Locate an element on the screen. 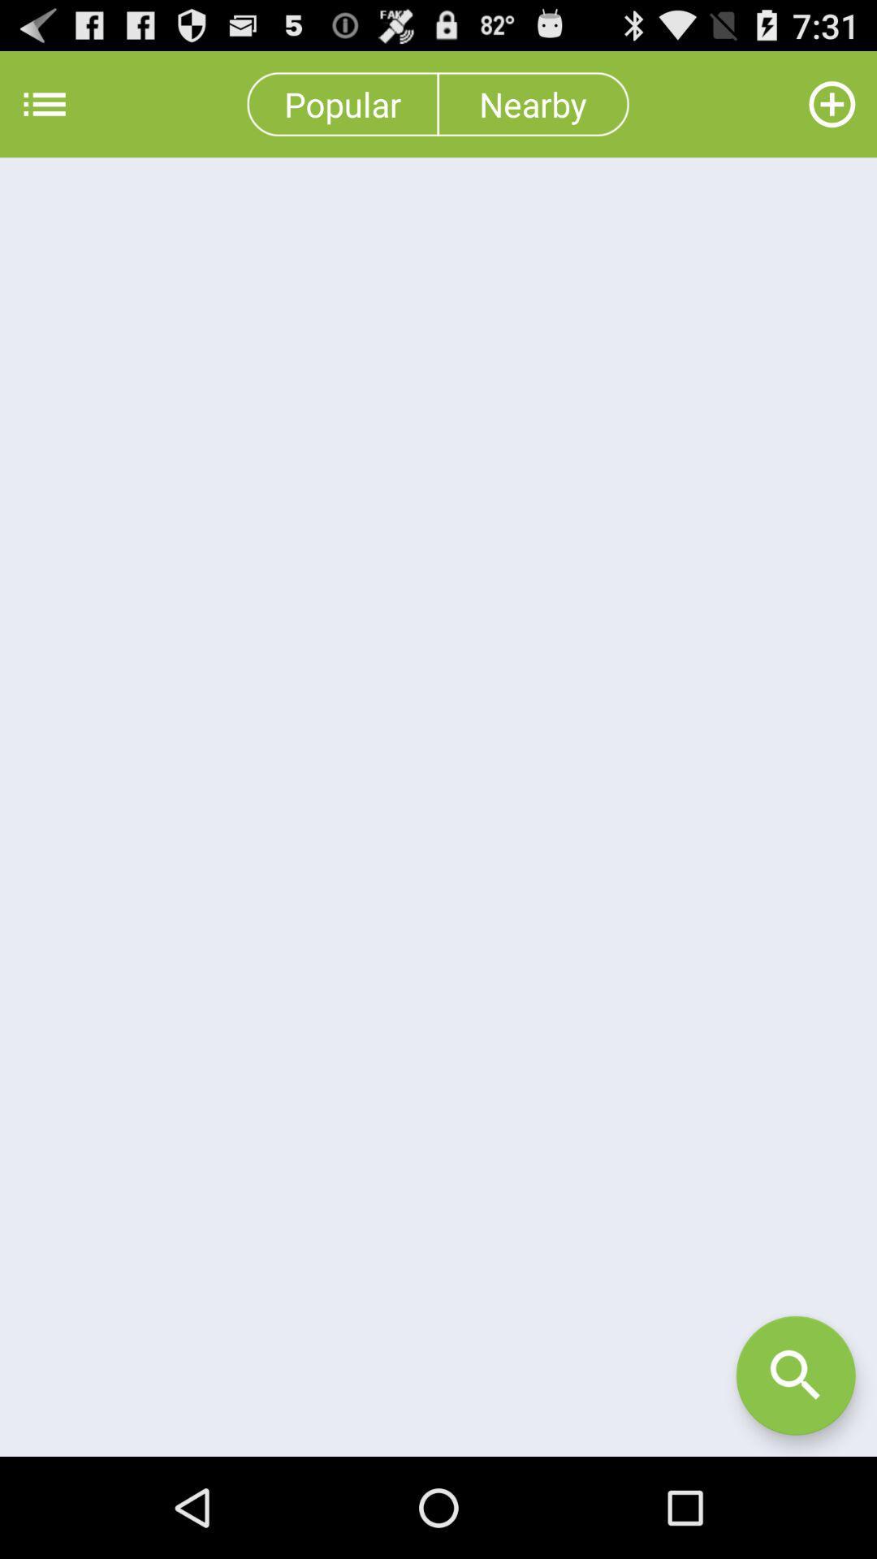 This screenshot has width=877, height=1559. the list icon is located at coordinates (44, 110).